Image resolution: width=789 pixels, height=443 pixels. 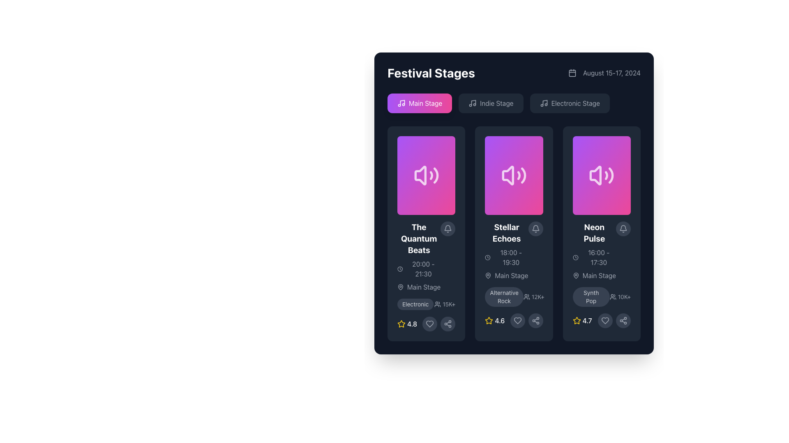 I want to click on the heart icon button in the compact layout located at the bottom right of the 'The Quantum Beats' card to like it, so click(x=438, y=324).